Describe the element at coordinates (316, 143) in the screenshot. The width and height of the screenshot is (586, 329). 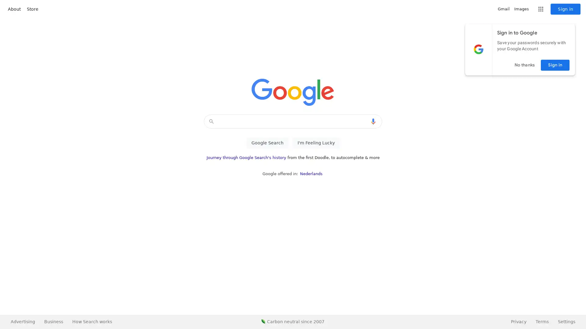
I see `I'm Feeling Lucky` at that location.